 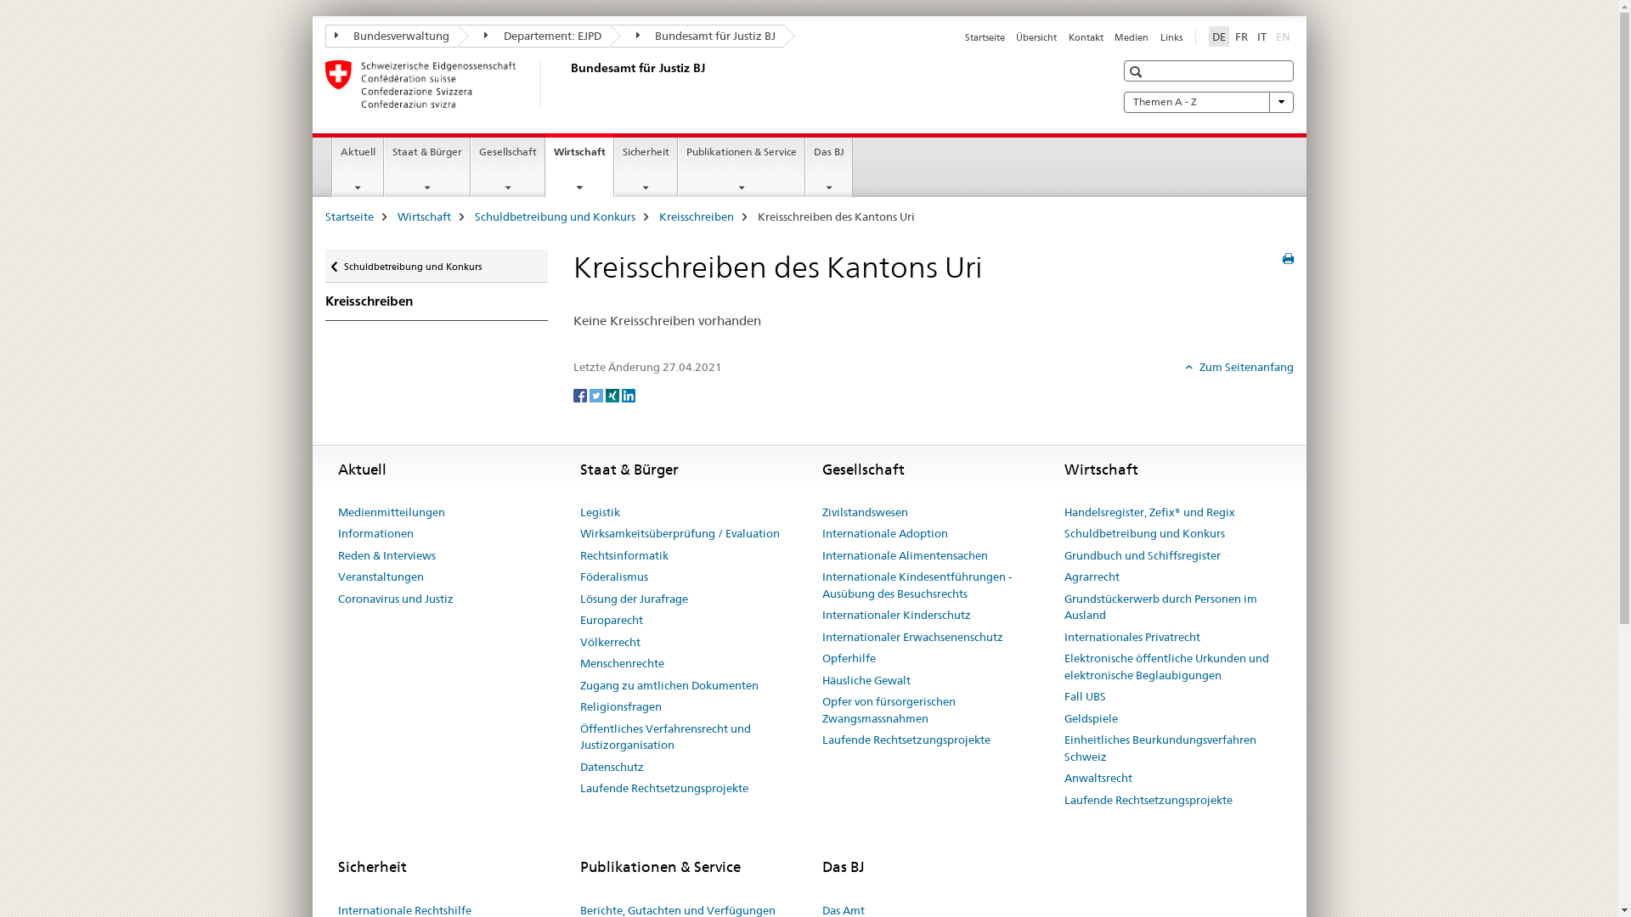 What do you see at coordinates (904, 556) in the screenshot?
I see `'Internationale Alimentensachen'` at bounding box center [904, 556].